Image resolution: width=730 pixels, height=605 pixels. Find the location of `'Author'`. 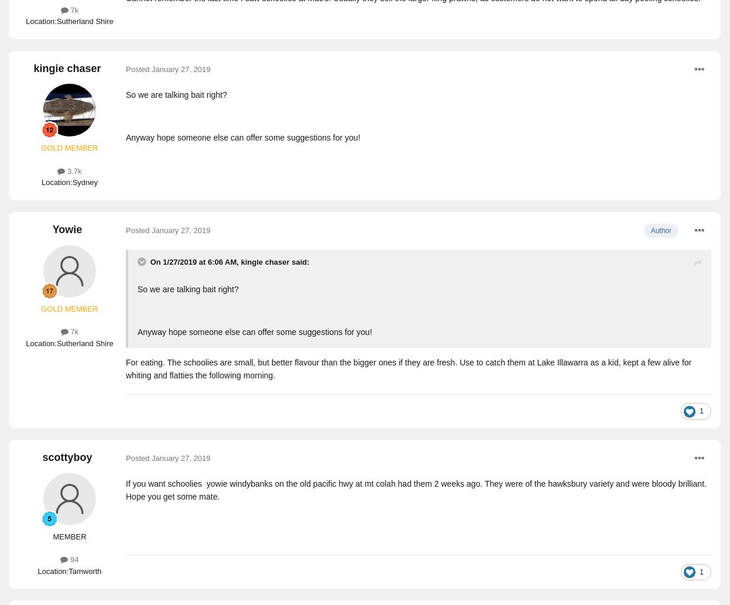

'Author' is located at coordinates (660, 230).